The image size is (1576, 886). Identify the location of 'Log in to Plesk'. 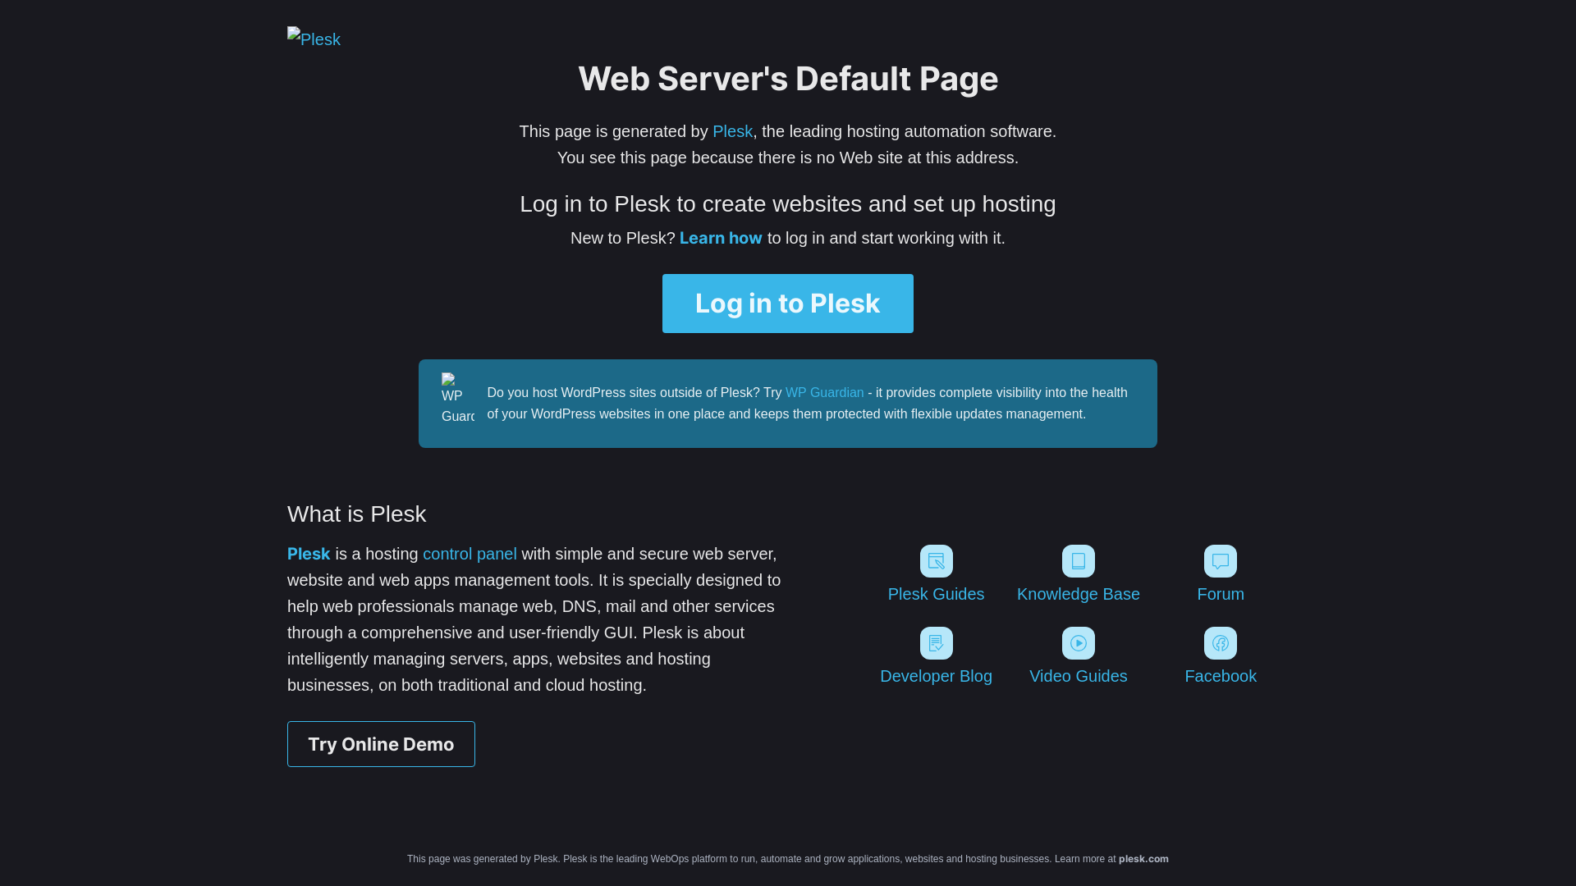
(788, 304).